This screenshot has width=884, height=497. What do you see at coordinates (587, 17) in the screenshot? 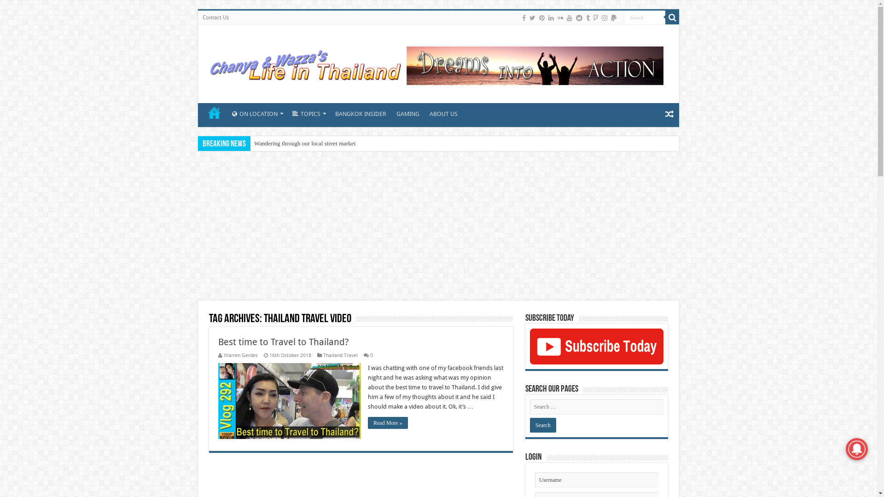
I see `'Tumblr'` at bounding box center [587, 17].